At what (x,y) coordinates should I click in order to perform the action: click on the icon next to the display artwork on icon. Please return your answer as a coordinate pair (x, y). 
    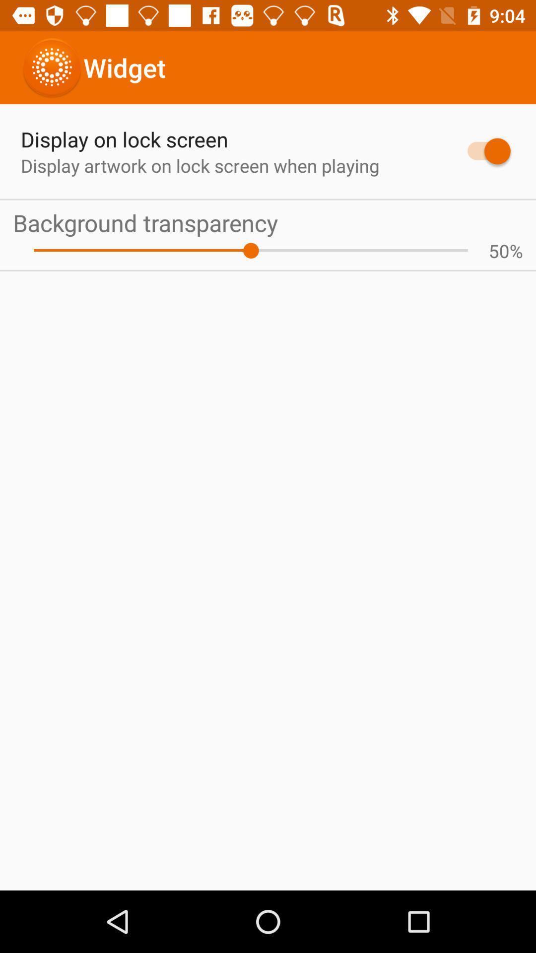
    Looking at the image, I should click on (483, 150).